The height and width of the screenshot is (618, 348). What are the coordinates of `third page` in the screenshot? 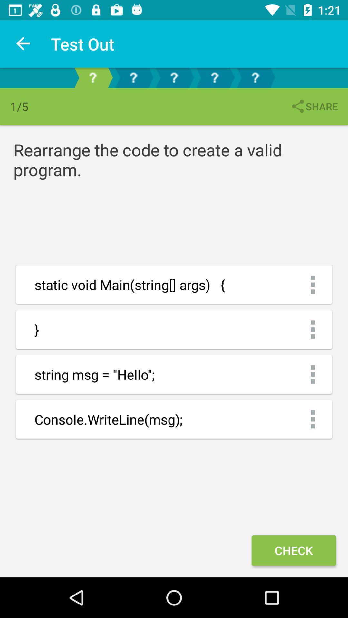 It's located at (174, 77).